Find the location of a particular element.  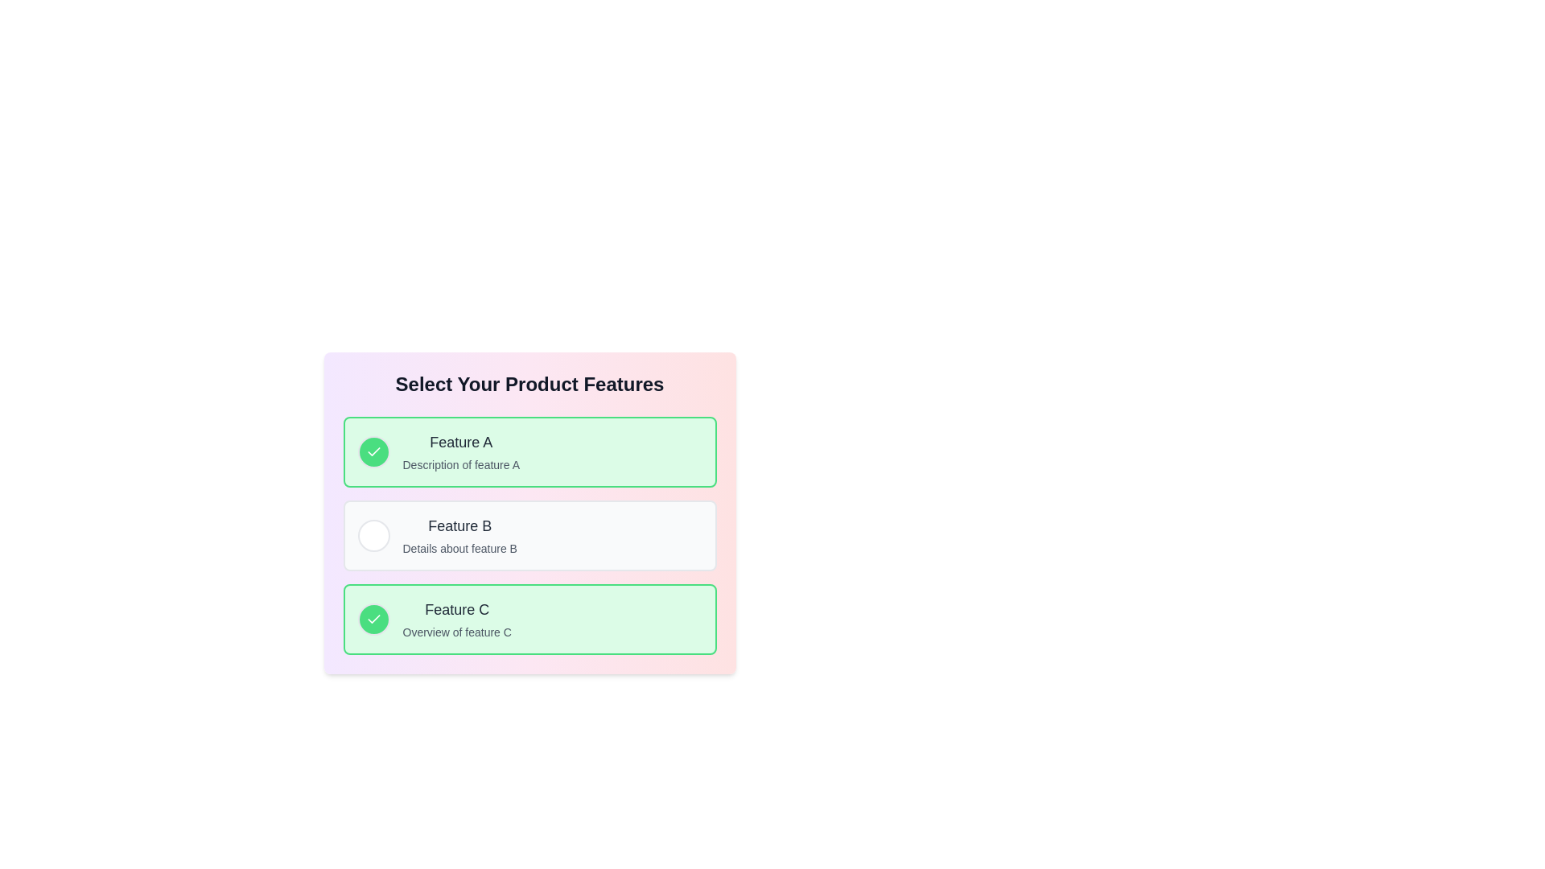

the radio button on the second card in the vertical stack is located at coordinates (529, 536).